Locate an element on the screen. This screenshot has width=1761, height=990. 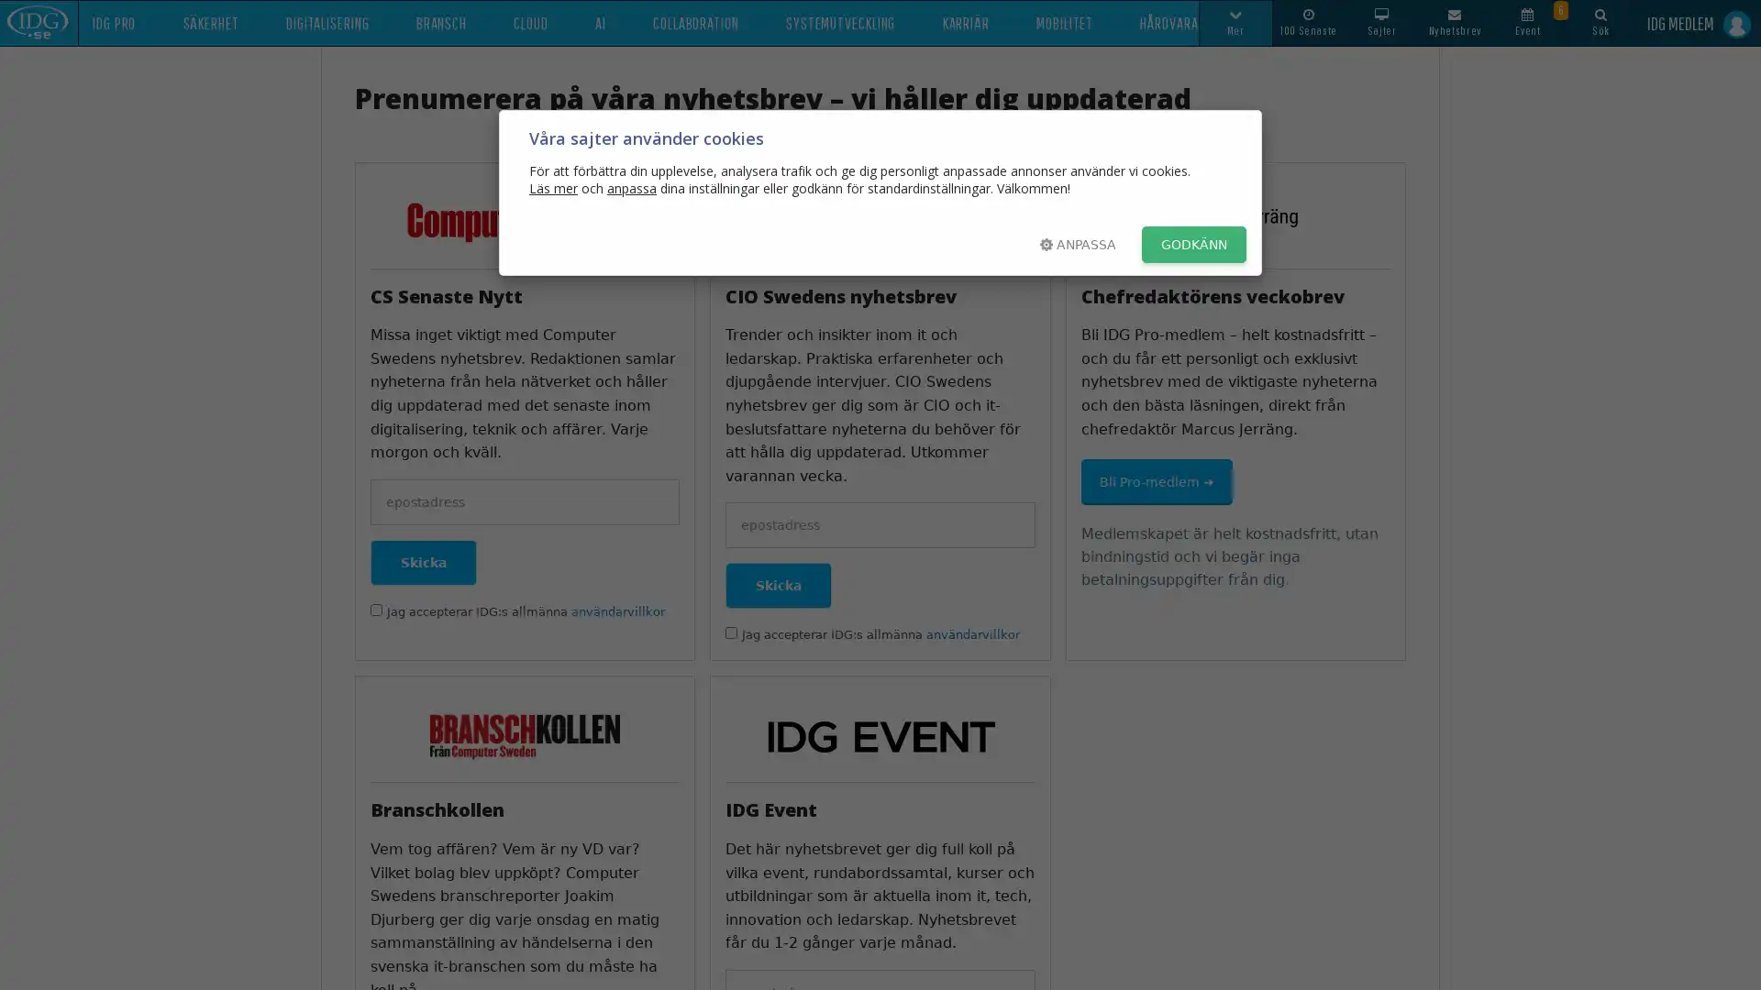
Skicka is located at coordinates (779, 586).